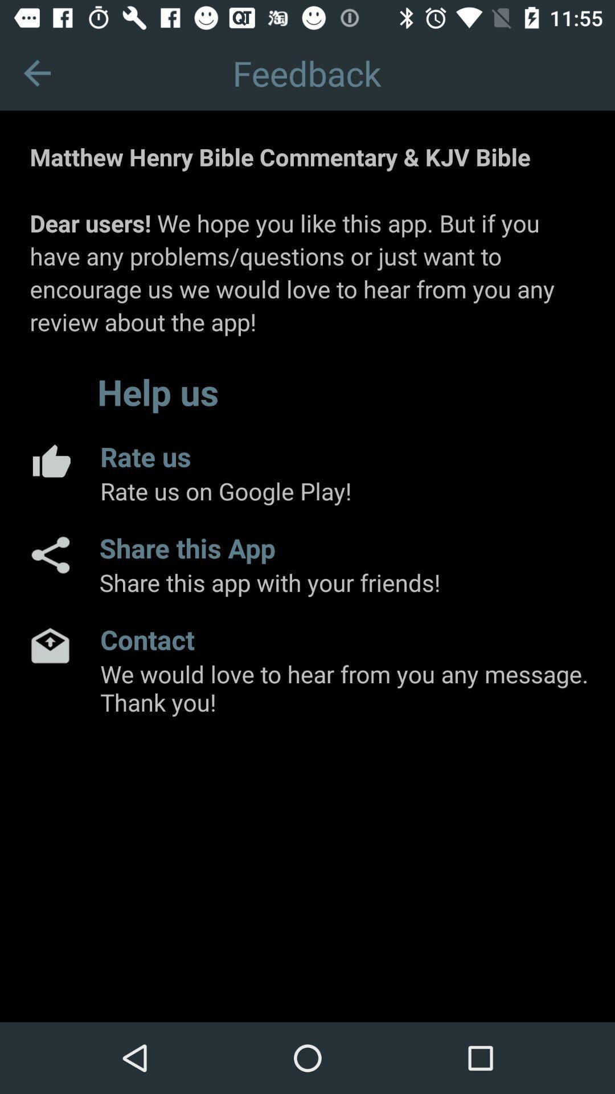 The height and width of the screenshot is (1094, 615). Describe the element at coordinates (36, 72) in the screenshot. I see `the arrow_backward icon` at that location.